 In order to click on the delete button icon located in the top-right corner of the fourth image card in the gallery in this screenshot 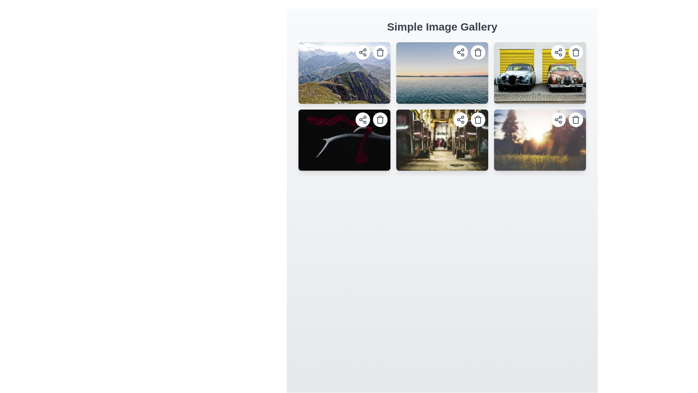, I will do `click(575, 53)`.